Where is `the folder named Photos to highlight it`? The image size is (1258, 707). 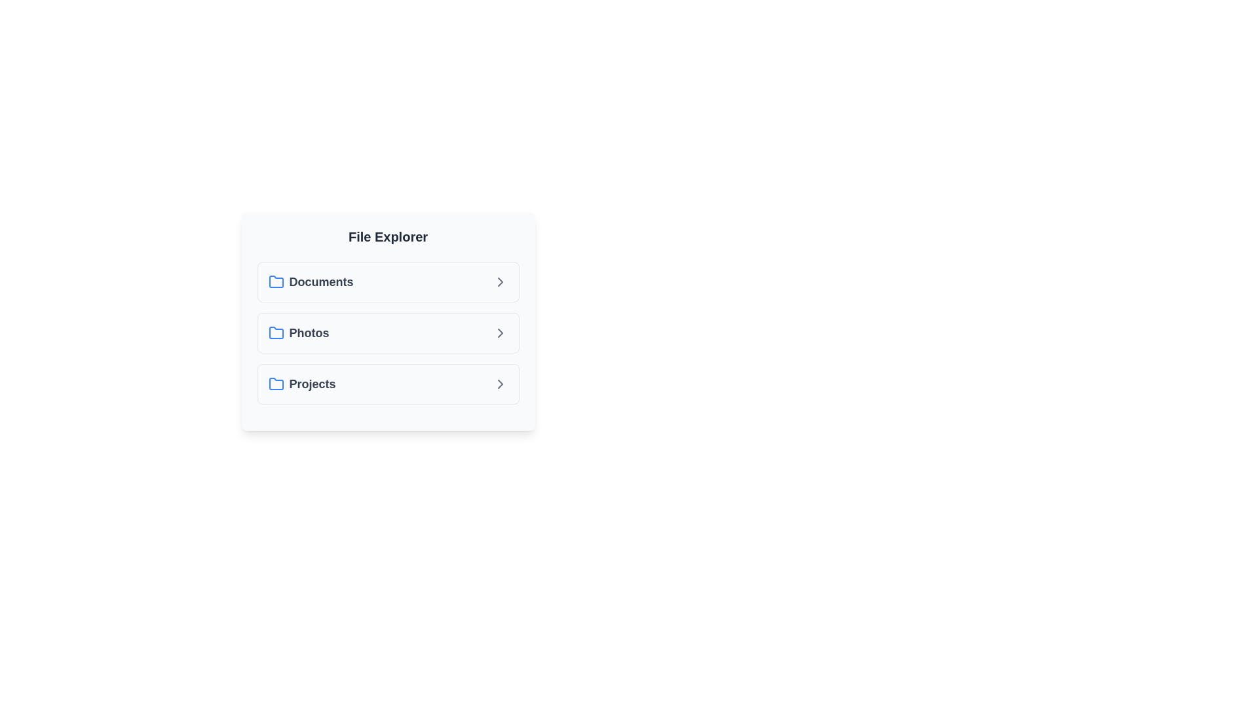 the folder named Photos to highlight it is located at coordinates (387, 333).